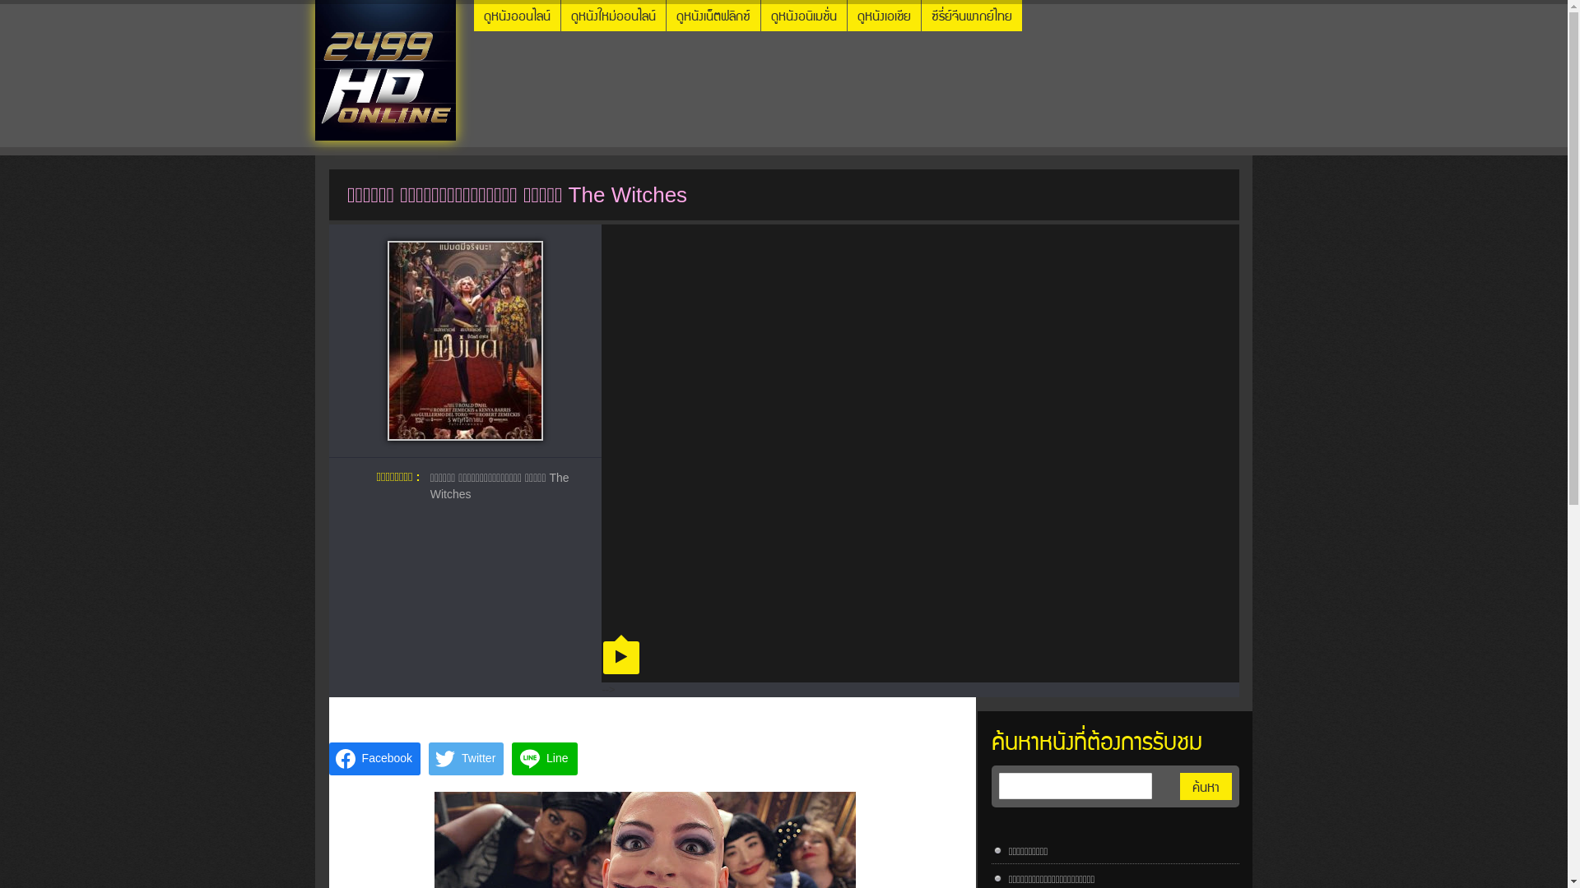  What do you see at coordinates (374, 758) in the screenshot?
I see `'Facebook'` at bounding box center [374, 758].